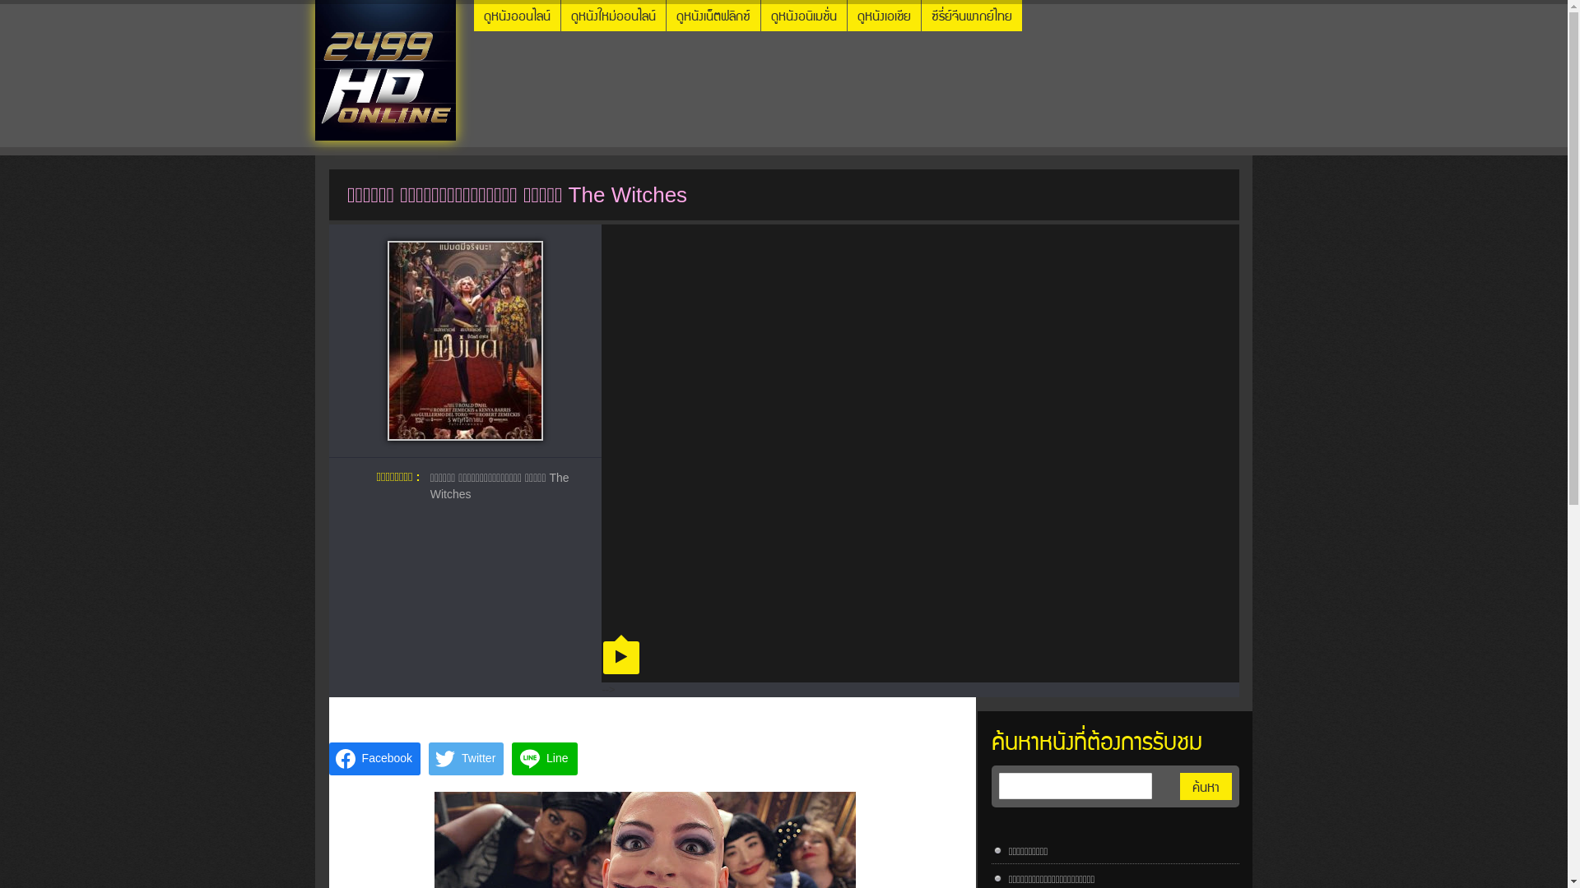  What do you see at coordinates (374, 758) in the screenshot?
I see `'Facebook'` at bounding box center [374, 758].